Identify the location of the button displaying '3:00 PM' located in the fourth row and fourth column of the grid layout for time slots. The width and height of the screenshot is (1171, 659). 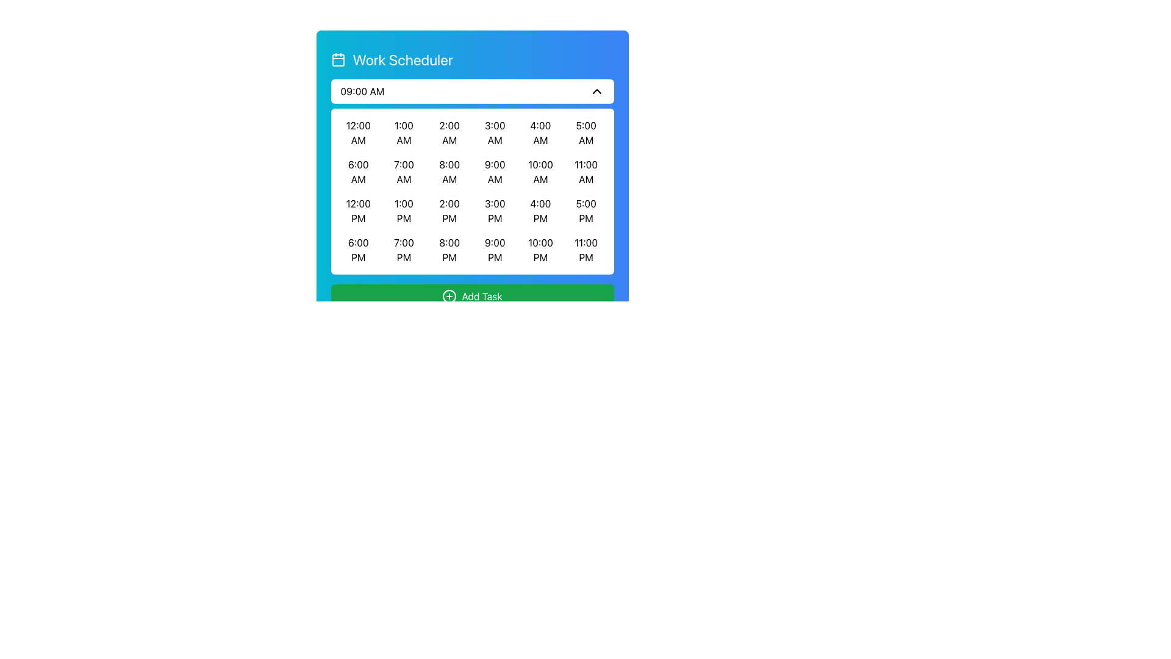
(495, 211).